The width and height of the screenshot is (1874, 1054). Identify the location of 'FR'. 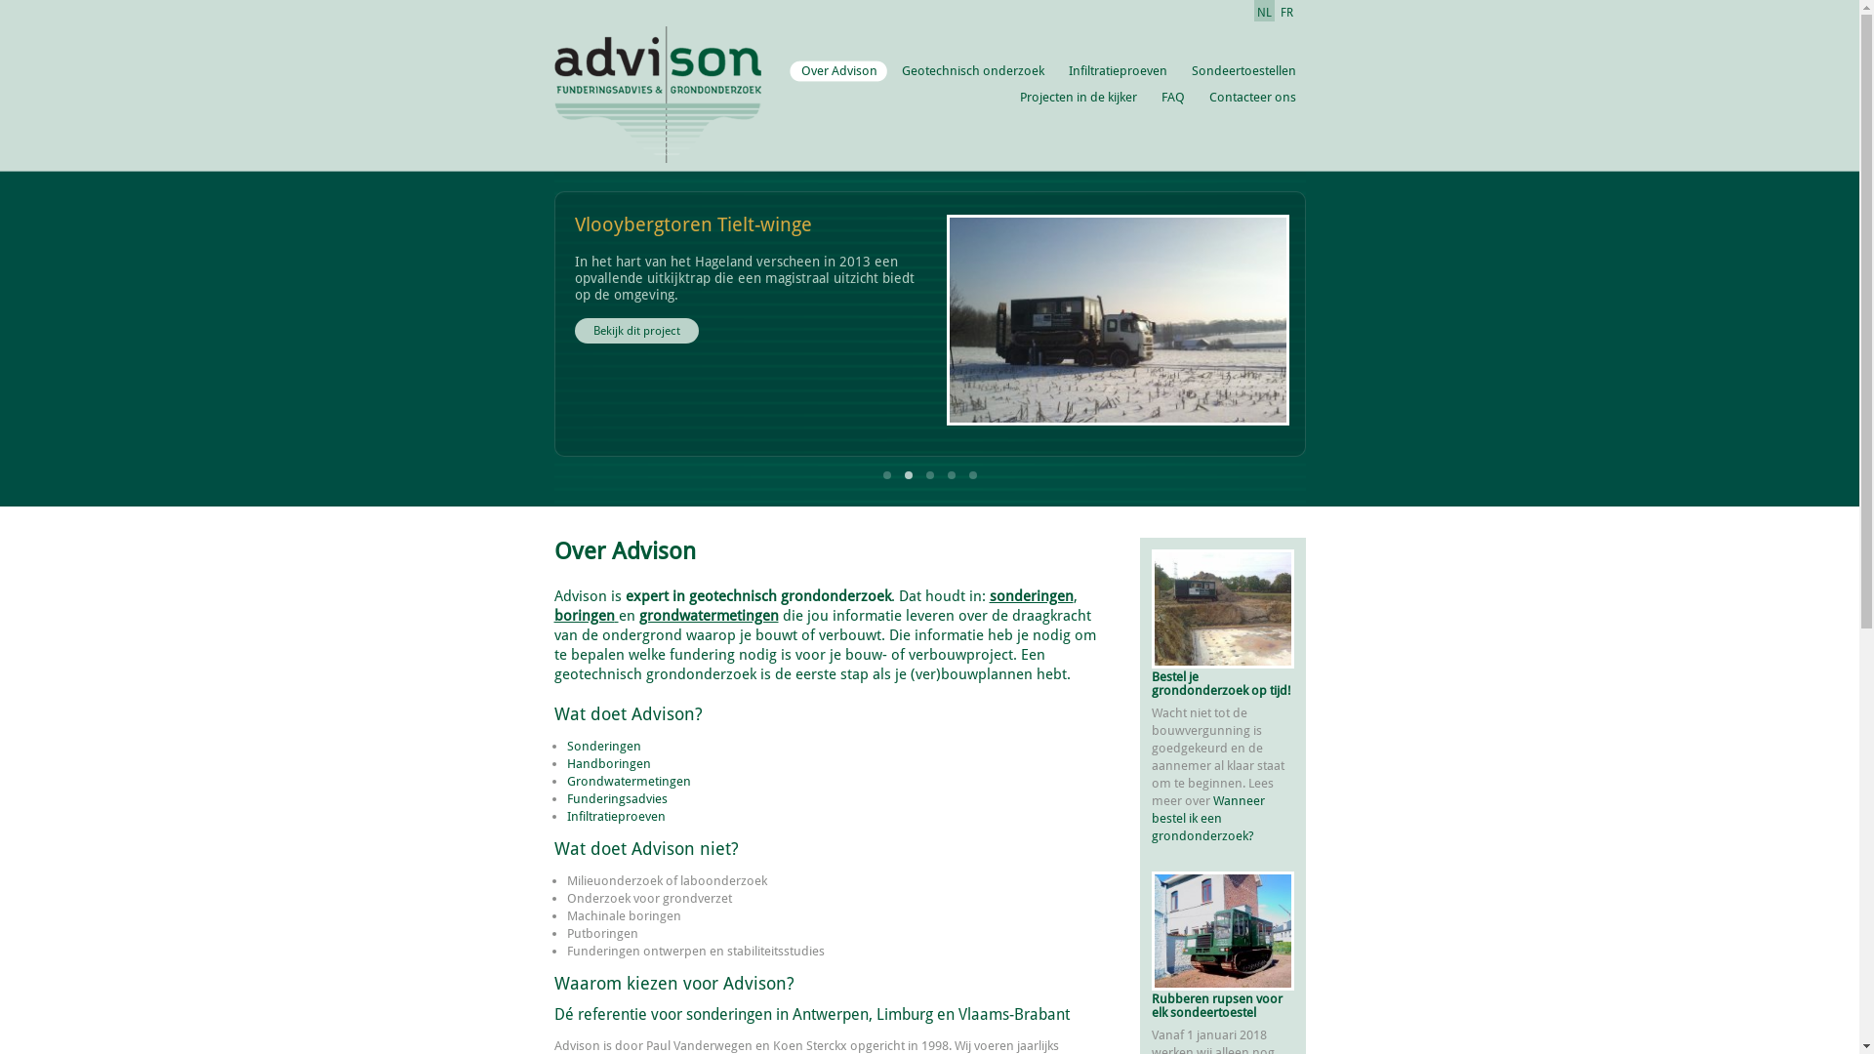
(1285, 11).